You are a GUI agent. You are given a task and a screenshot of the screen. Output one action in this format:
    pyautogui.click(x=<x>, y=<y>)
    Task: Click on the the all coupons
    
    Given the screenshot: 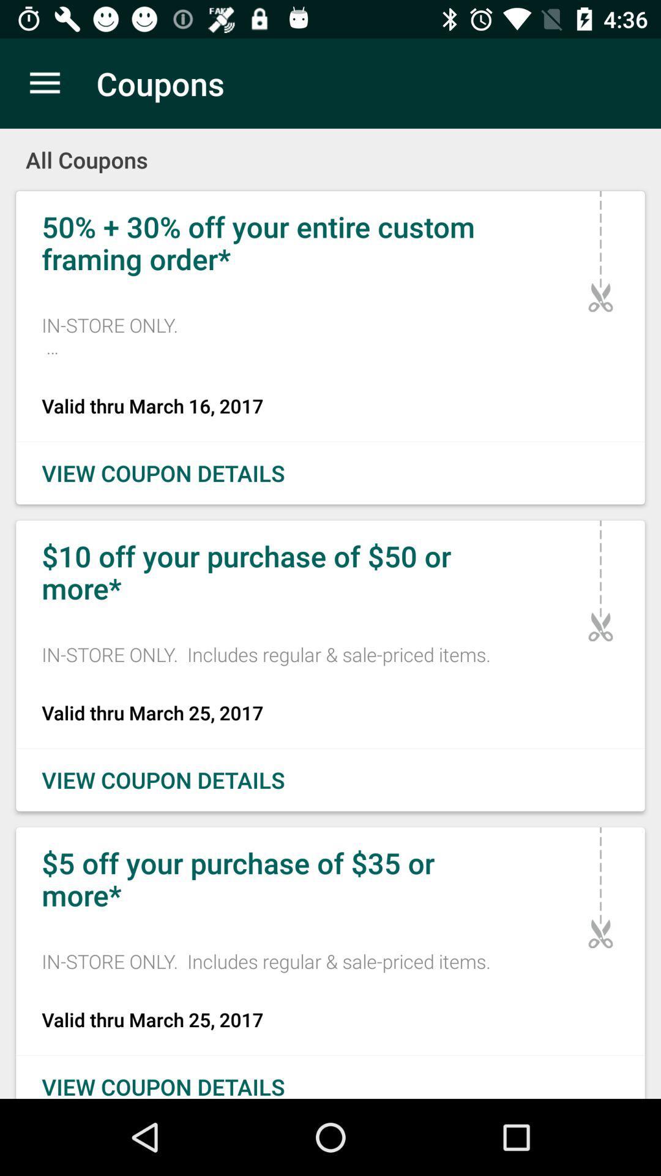 What is the action you would take?
    pyautogui.click(x=330, y=151)
    